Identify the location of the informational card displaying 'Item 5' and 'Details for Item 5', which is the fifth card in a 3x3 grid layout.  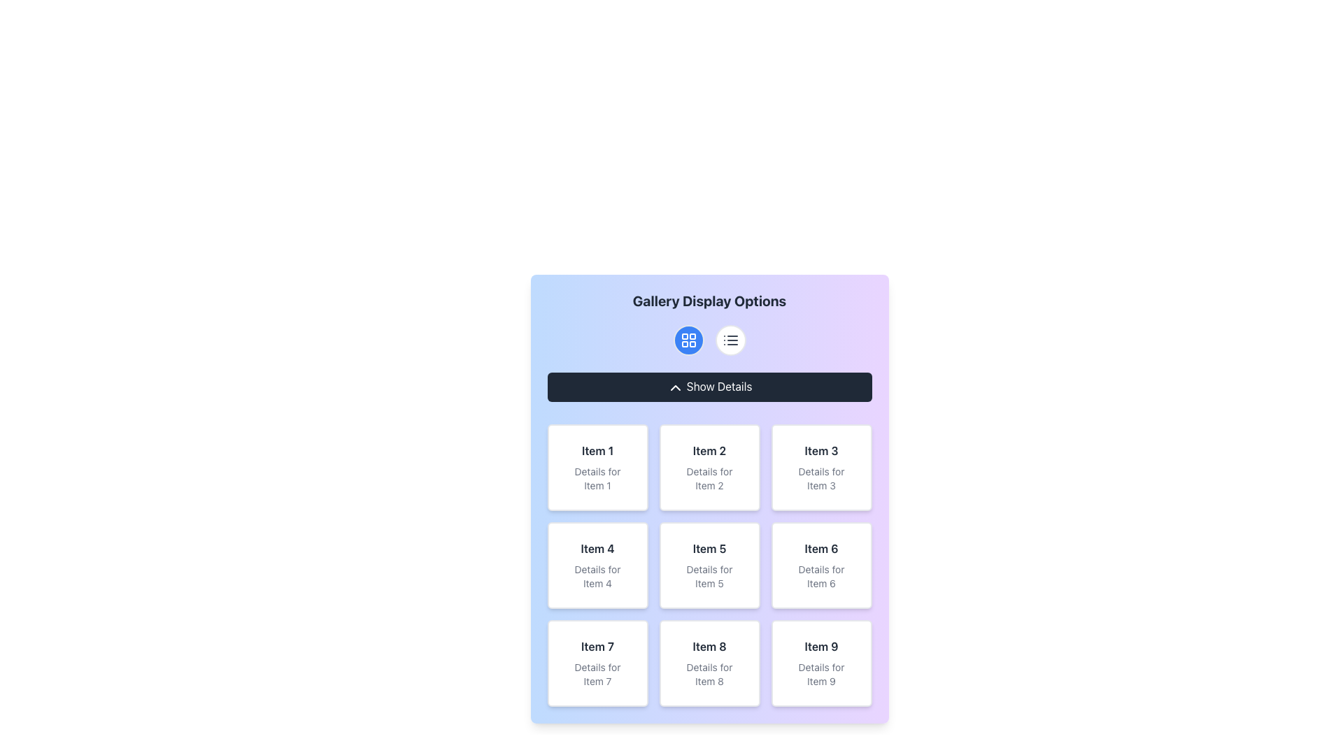
(709, 564).